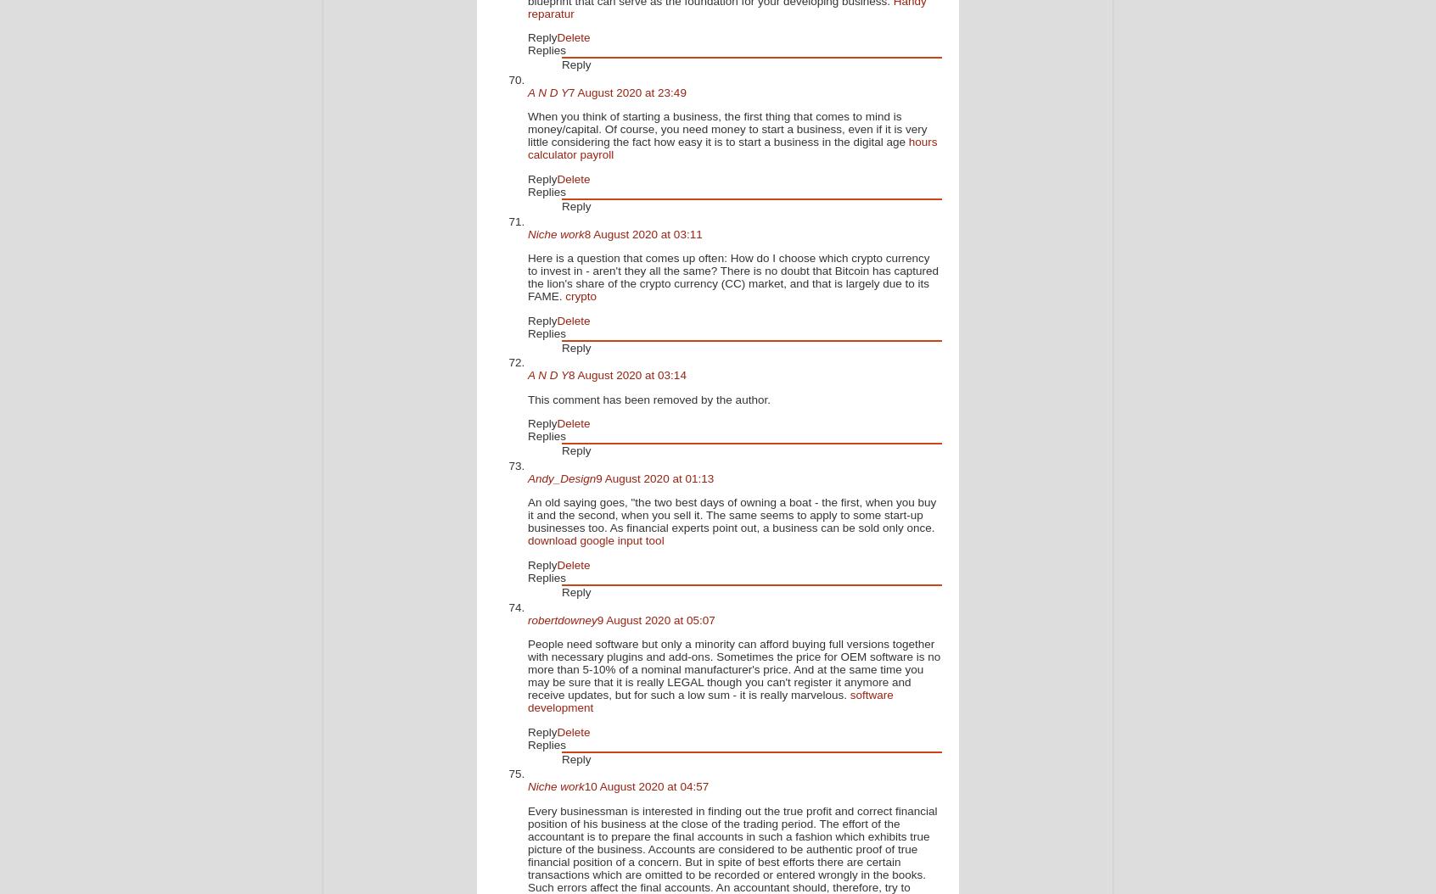 Image resolution: width=1436 pixels, height=894 pixels. What do you see at coordinates (726, 129) in the screenshot?
I see `'When you think of starting a business, the first thing that comes to mind is money/capital. Of course, you need money to start a business, even if it is very little considering the fact how easy it is to start a business in the digital age'` at bounding box center [726, 129].